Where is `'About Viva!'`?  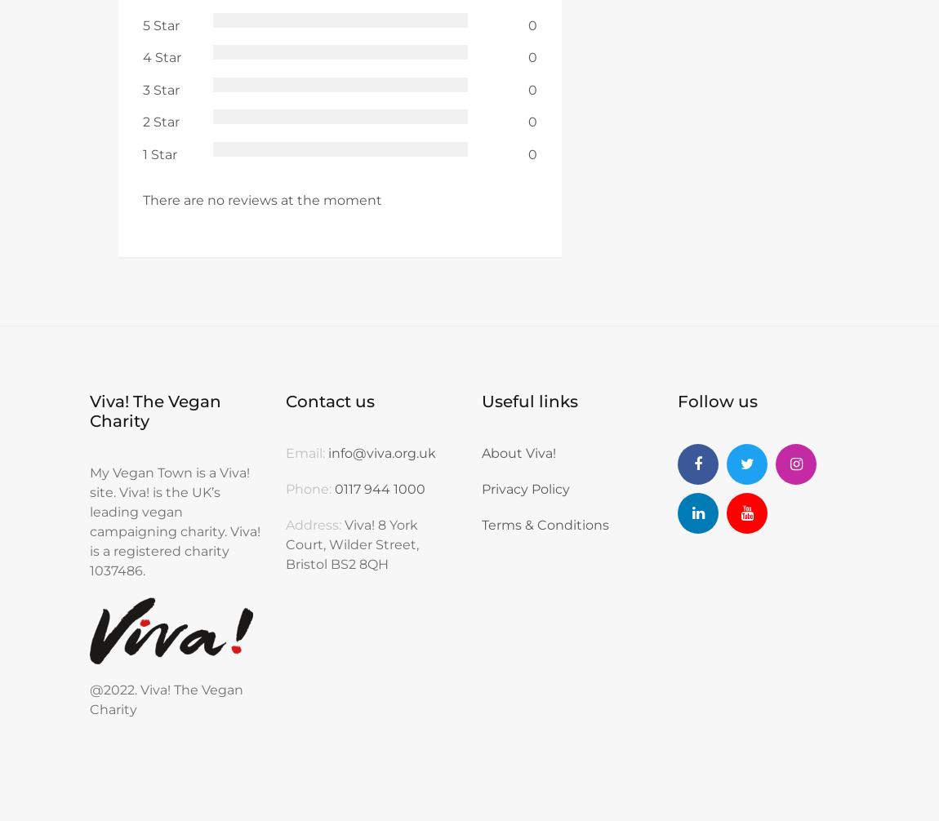 'About Viva!' is located at coordinates (518, 453).